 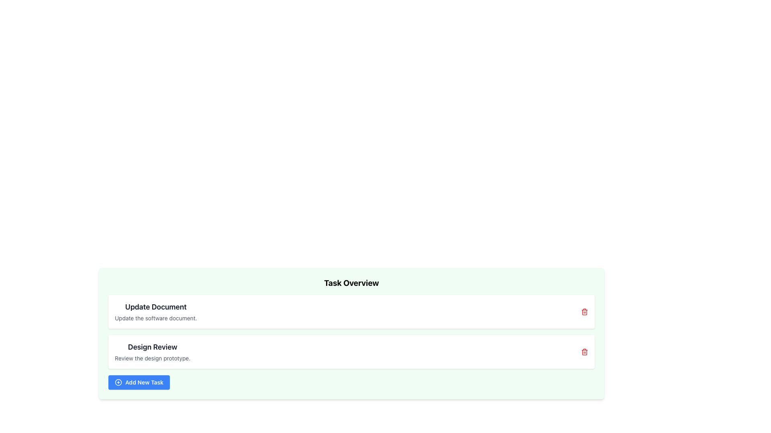 I want to click on the circular icon with a plus sign inside, located to the left of the 'Add New Task' blue button in the 'Task Overview' section, so click(x=118, y=382).